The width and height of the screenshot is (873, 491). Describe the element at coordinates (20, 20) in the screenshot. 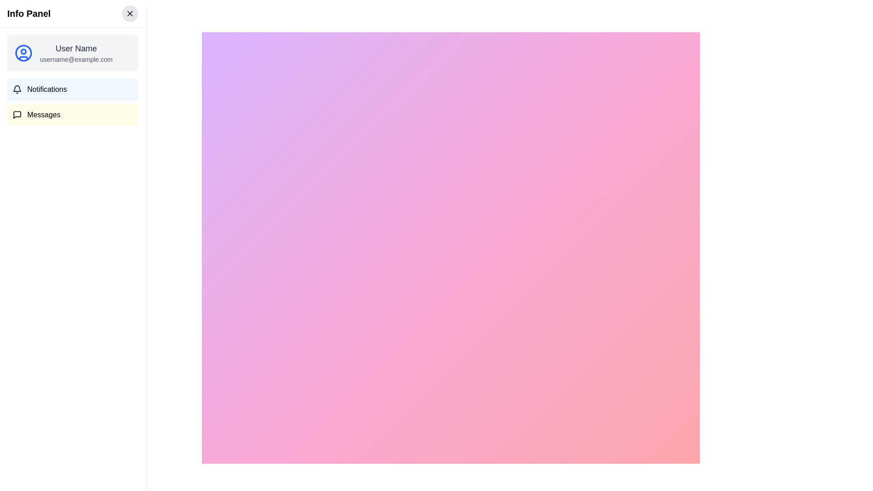

I see `the circular close button located at the top-left corner of the 'Info Panel' to indicate it is interactive` at that location.